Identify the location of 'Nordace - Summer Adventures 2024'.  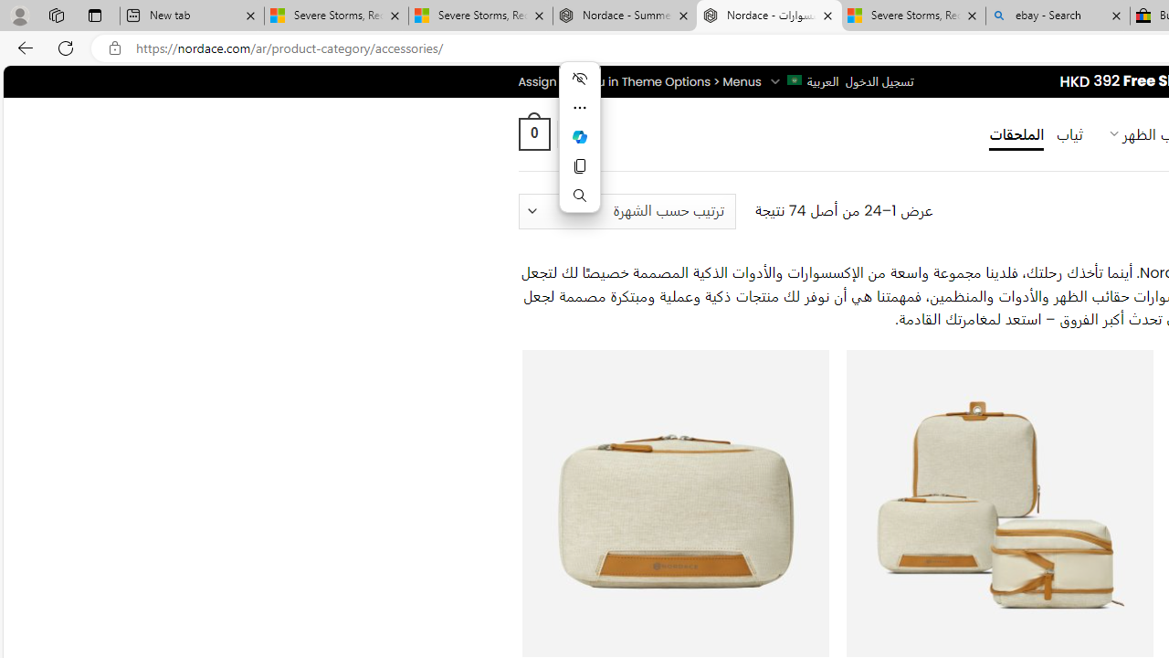
(625, 16).